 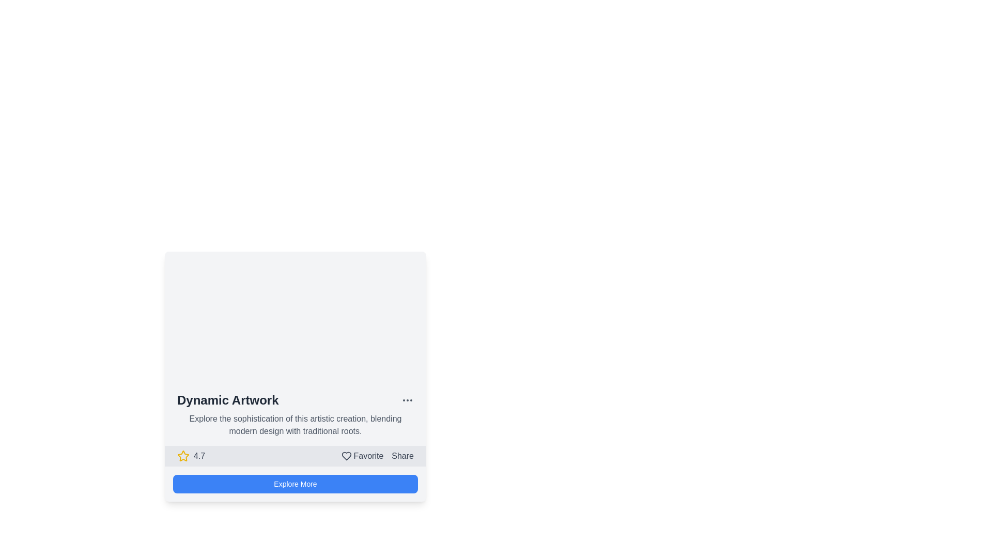 What do you see at coordinates (402, 456) in the screenshot?
I see `the clickable share button located to the right of the 'Favorite' text at the bottom right of the card` at bounding box center [402, 456].